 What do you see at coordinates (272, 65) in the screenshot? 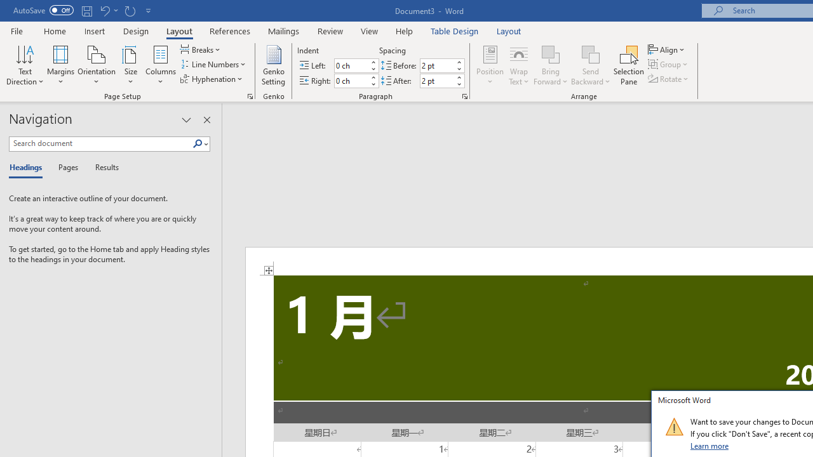
I see `'Genko Setting...'` at bounding box center [272, 65].